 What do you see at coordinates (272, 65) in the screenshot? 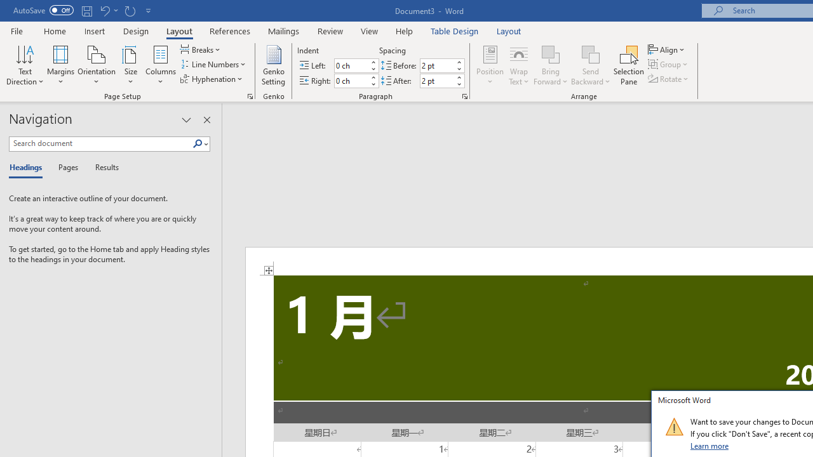
I see `'Genko Setting...'` at bounding box center [272, 65].